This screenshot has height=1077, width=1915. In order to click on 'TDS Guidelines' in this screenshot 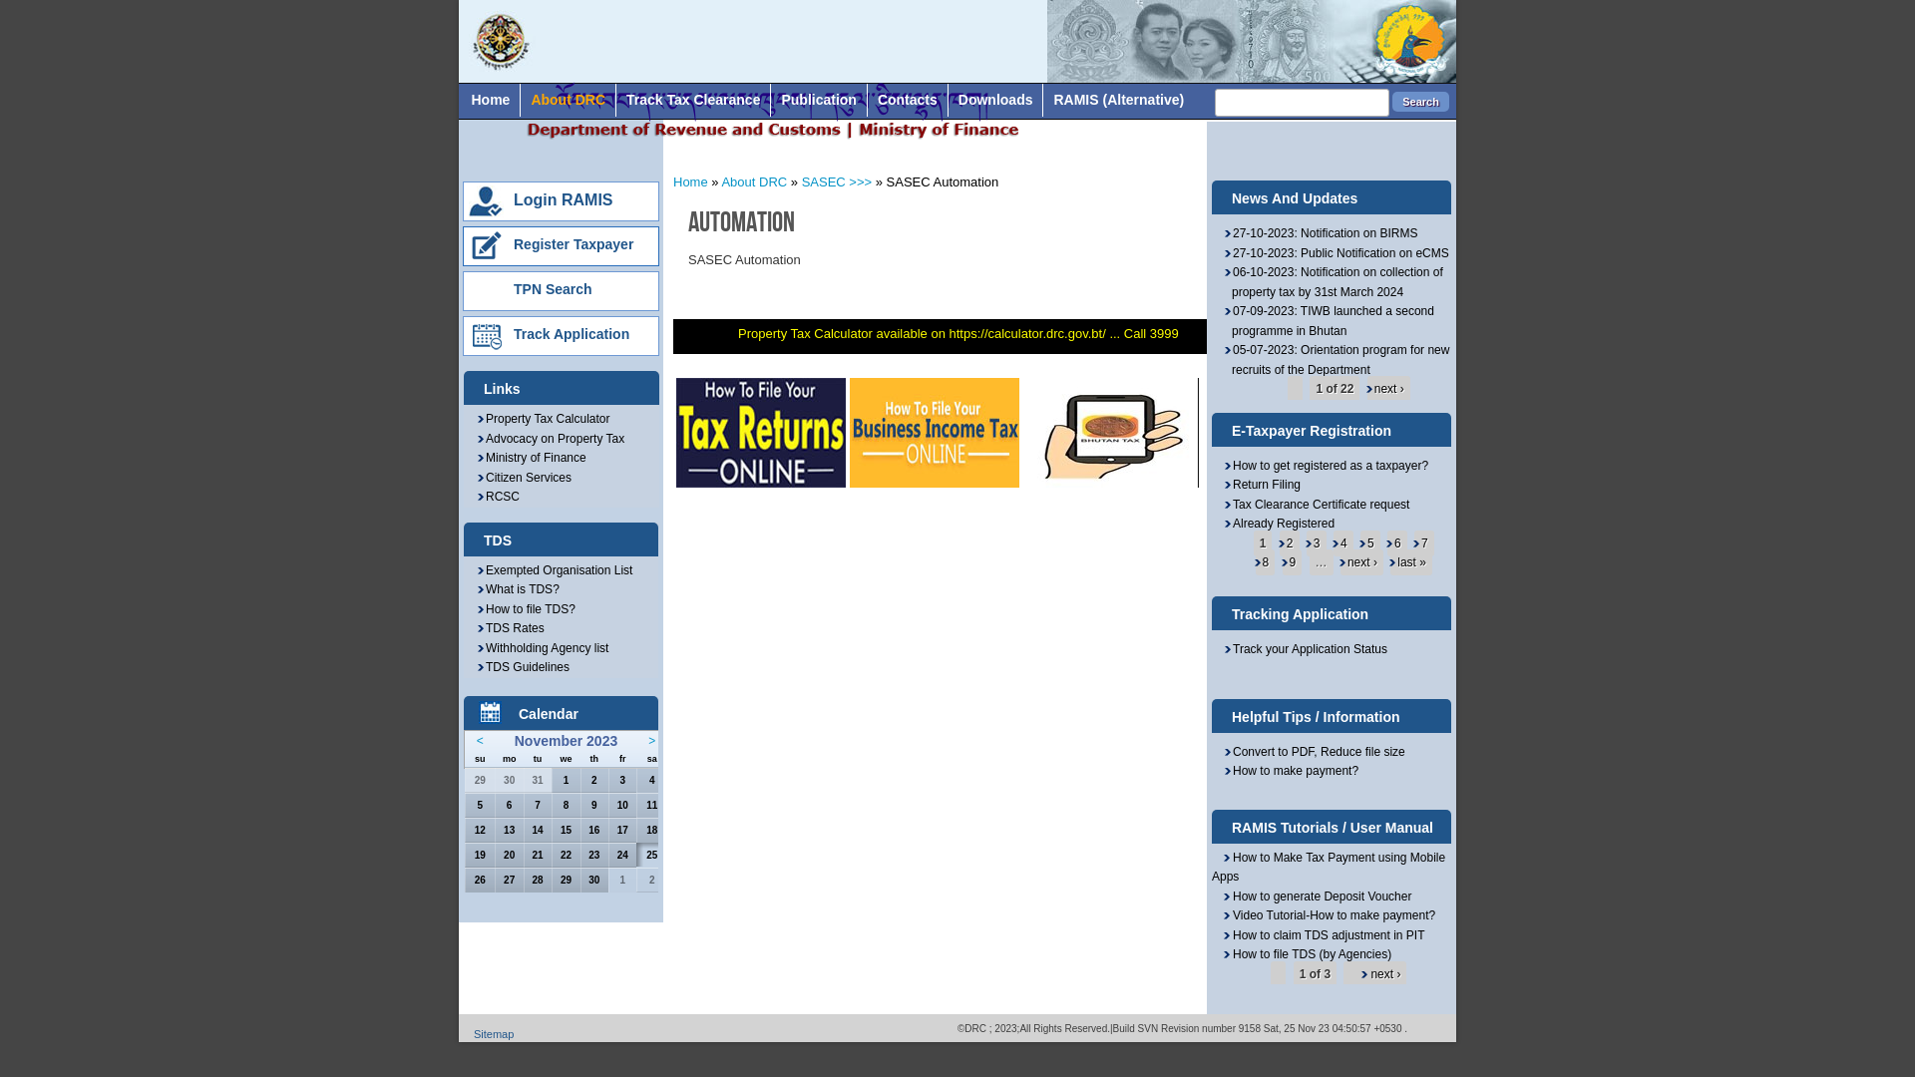, I will do `click(522, 666)`.